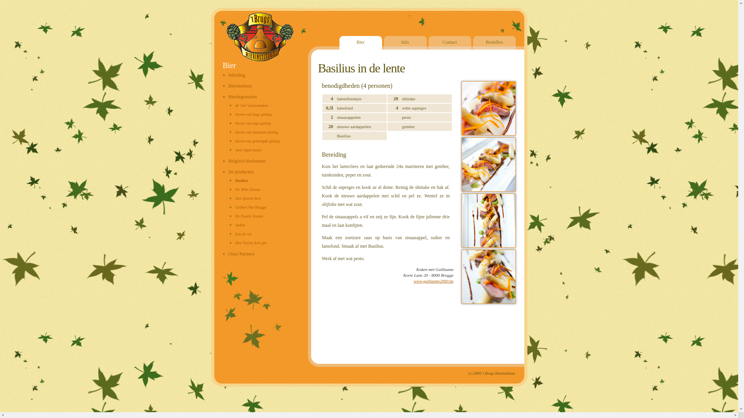 This screenshot has height=418, width=744. What do you see at coordinates (236, 86) in the screenshot?
I see `'Bierinstituut'` at bounding box center [236, 86].